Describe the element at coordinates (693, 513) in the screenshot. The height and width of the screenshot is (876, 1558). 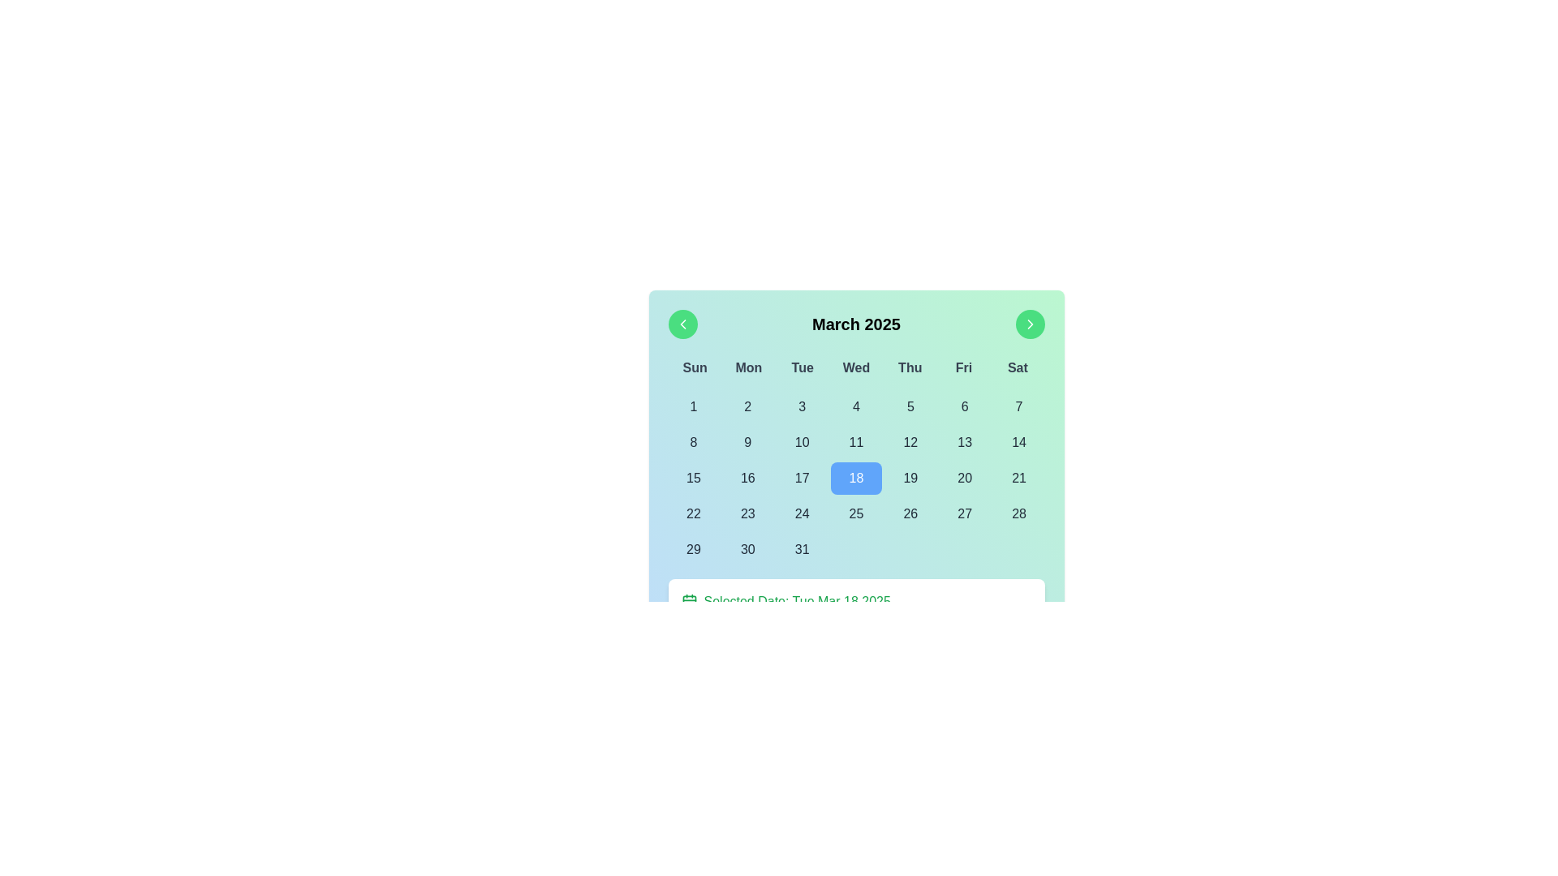
I see `the button displaying '22' located in the fourth row and first column of the calendar grid layout` at that location.